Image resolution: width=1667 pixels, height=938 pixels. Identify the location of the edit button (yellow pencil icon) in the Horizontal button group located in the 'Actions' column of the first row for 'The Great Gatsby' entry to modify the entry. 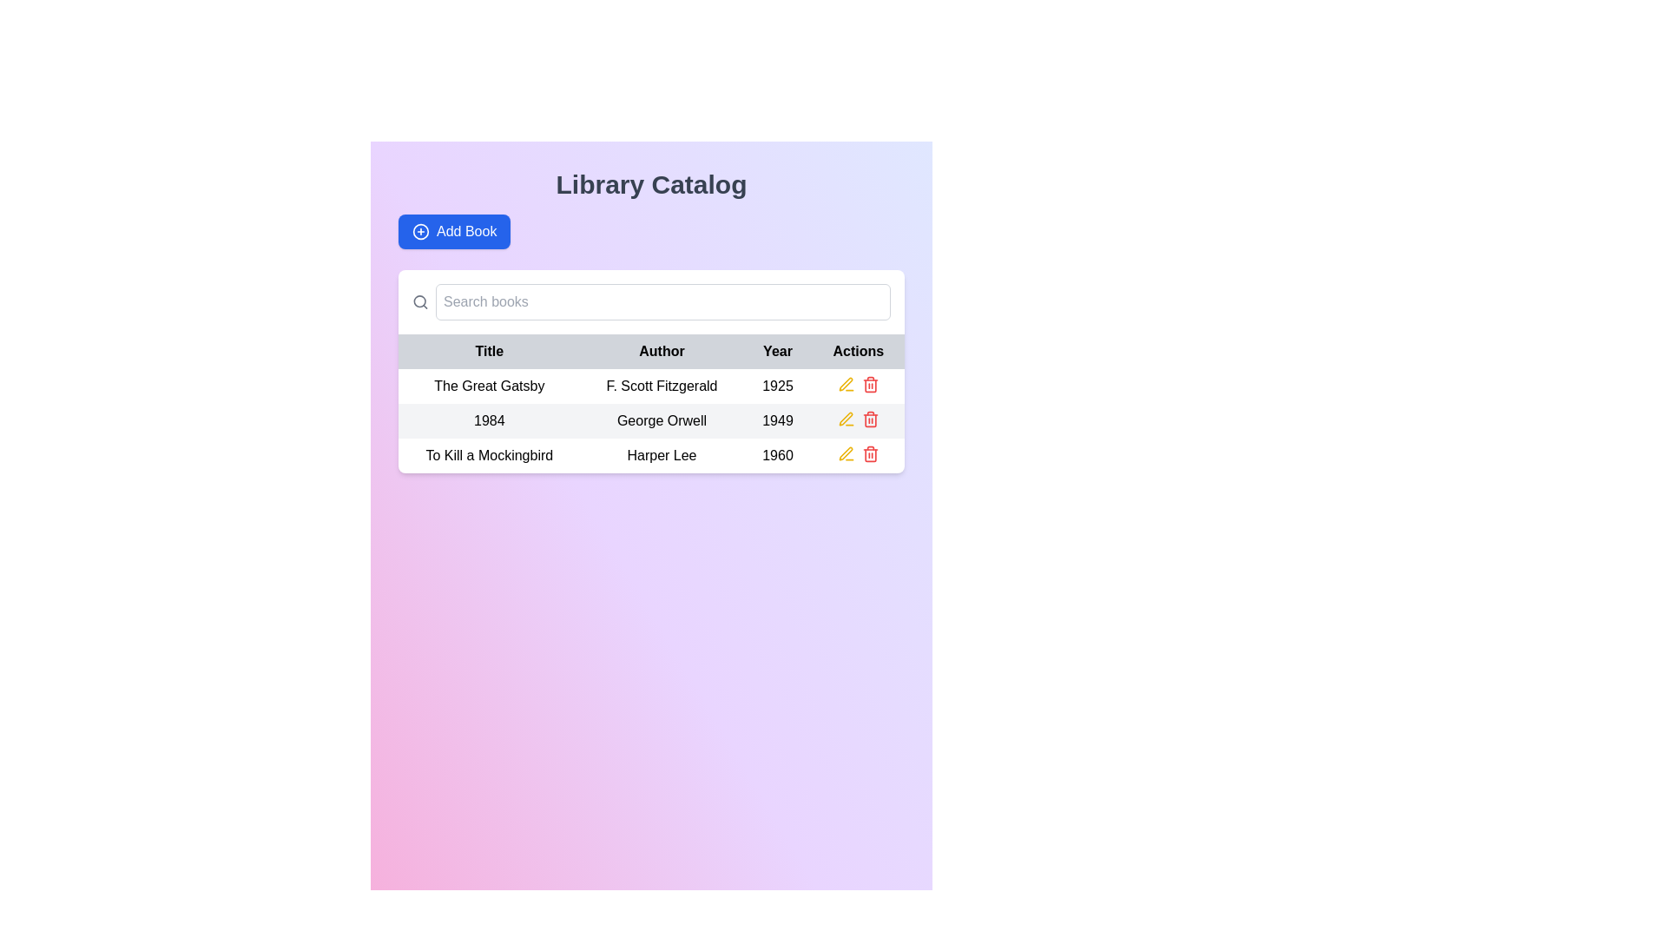
(858, 384).